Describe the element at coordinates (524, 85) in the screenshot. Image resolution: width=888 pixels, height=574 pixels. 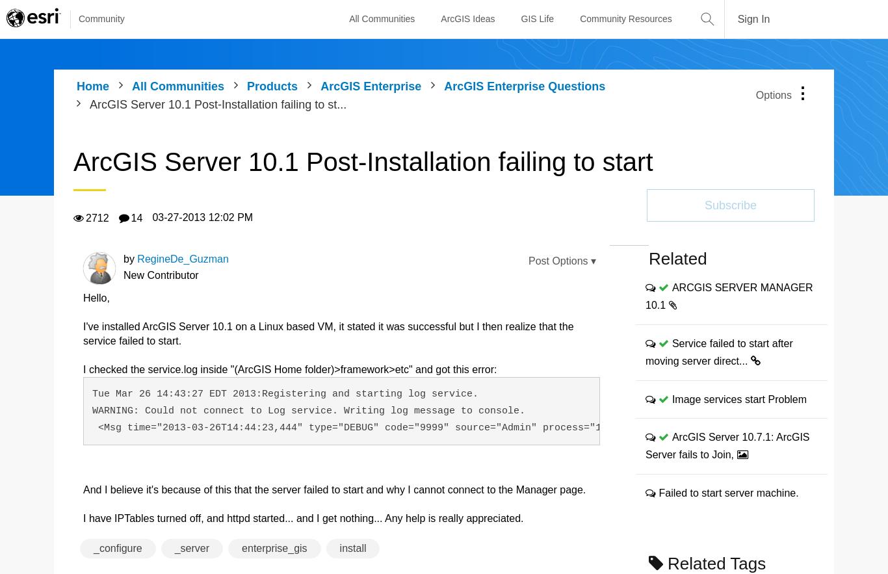
I see `'ArcGIS Enterprise Questions'` at that location.